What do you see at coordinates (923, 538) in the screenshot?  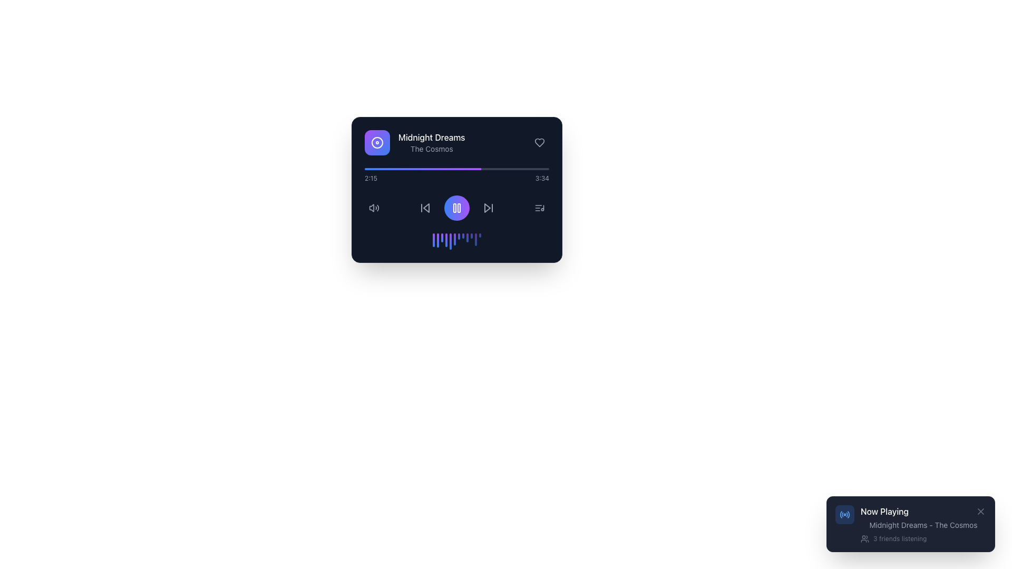 I see `the informational label displaying '3 friends listening', which is accompanied by an icon of a group of people, located at the bottom of the notification panel` at bounding box center [923, 538].